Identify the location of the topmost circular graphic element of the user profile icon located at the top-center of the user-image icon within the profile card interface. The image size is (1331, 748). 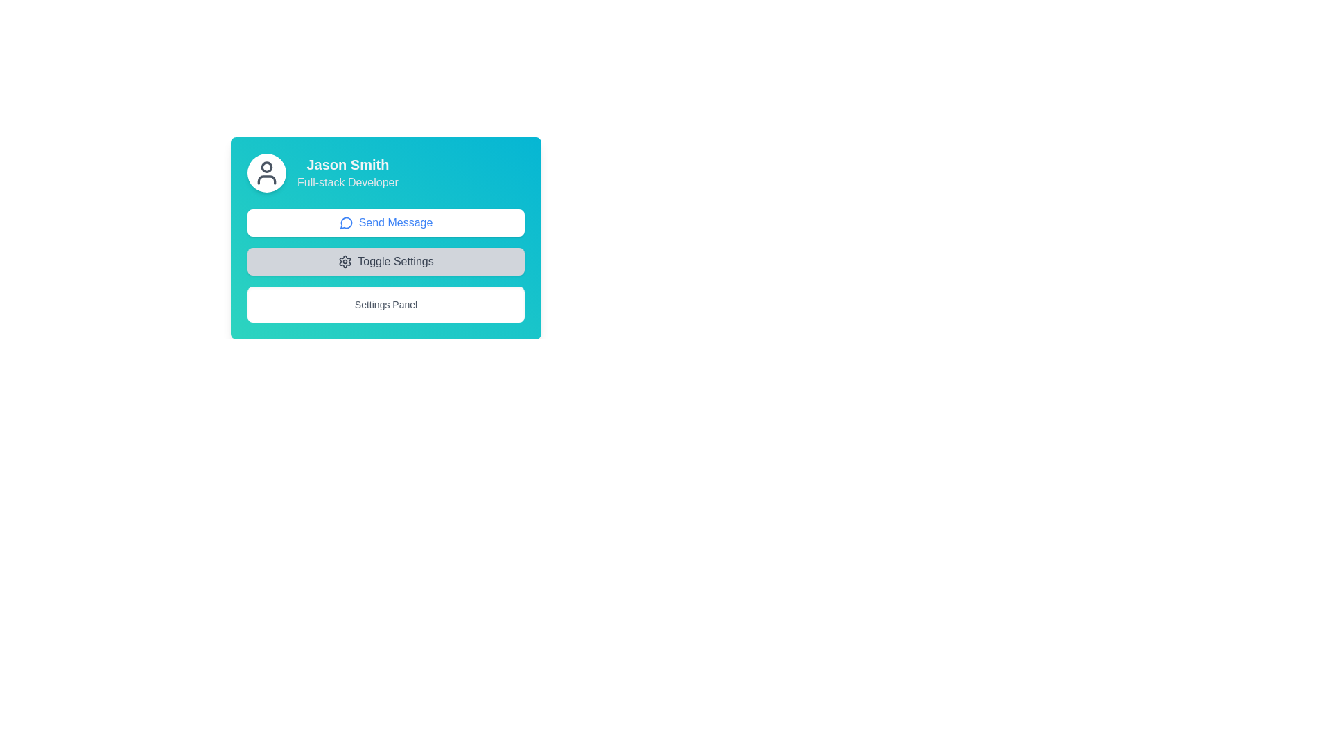
(266, 166).